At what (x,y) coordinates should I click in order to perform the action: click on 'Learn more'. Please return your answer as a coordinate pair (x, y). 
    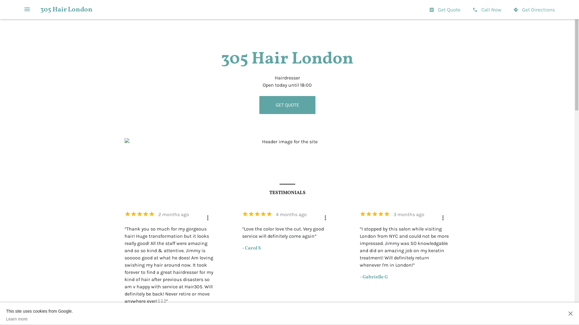
    Looking at the image, I should click on (6, 319).